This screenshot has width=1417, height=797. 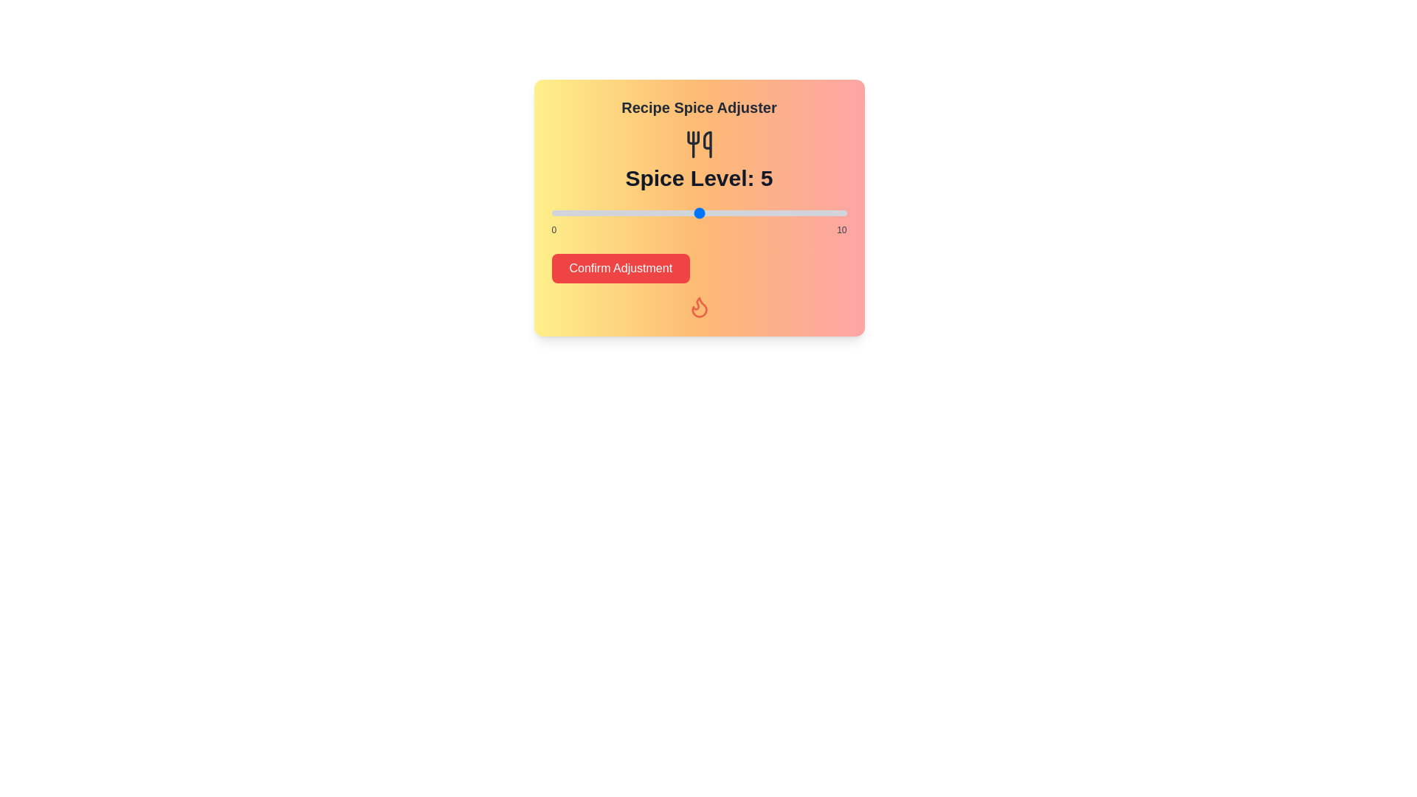 What do you see at coordinates (698, 306) in the screenshot?
I see `the flame icon to observe its animation` at bounding box center [698, 306].